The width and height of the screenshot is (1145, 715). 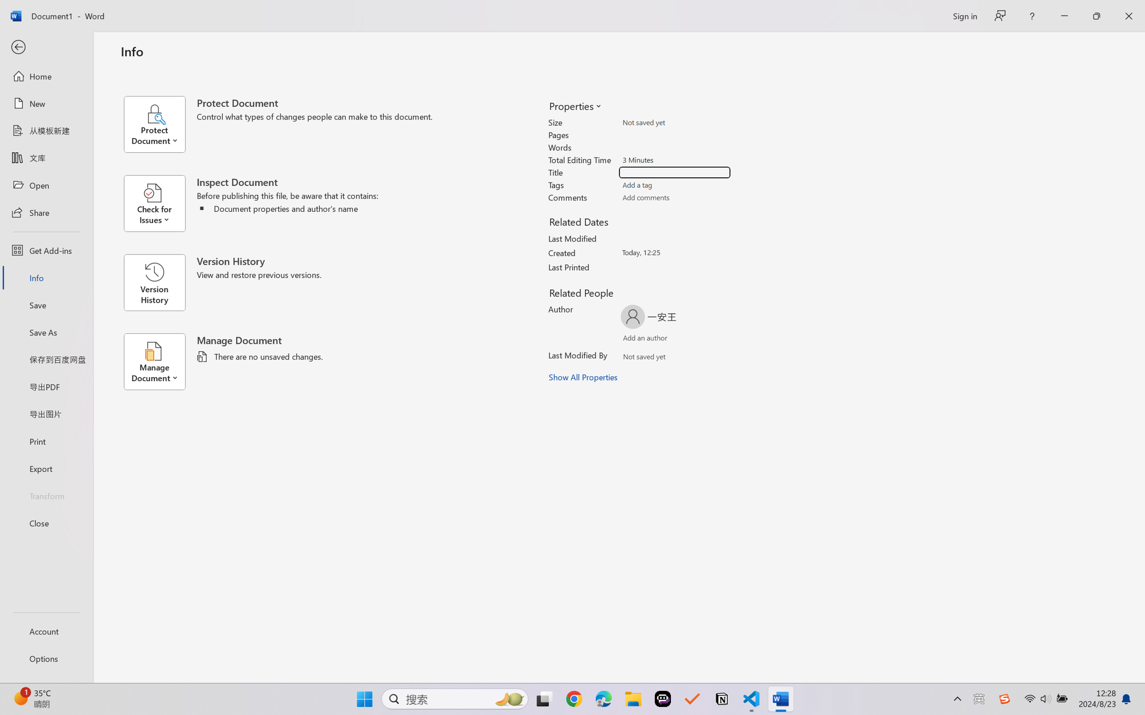 What do you see at coordinates (675, 159) in the screenshot?
I see `'Total Editing Time'` at bounding box center [675, 159].